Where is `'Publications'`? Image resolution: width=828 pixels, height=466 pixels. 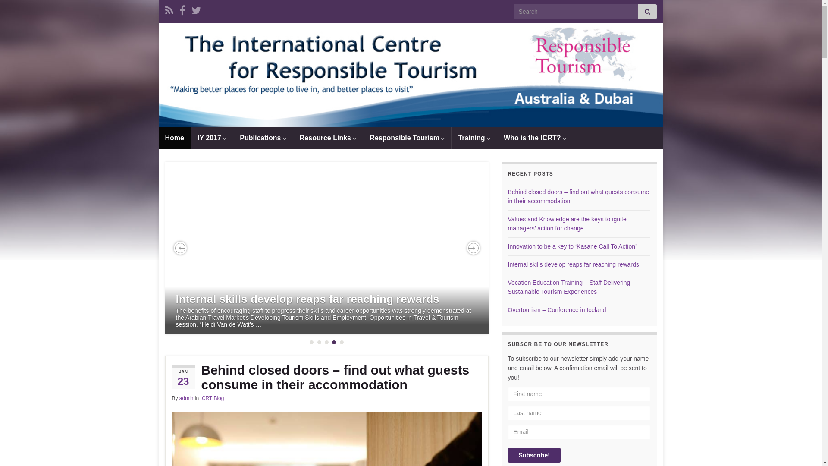 'Publications' is located at coordinates (233, 138).